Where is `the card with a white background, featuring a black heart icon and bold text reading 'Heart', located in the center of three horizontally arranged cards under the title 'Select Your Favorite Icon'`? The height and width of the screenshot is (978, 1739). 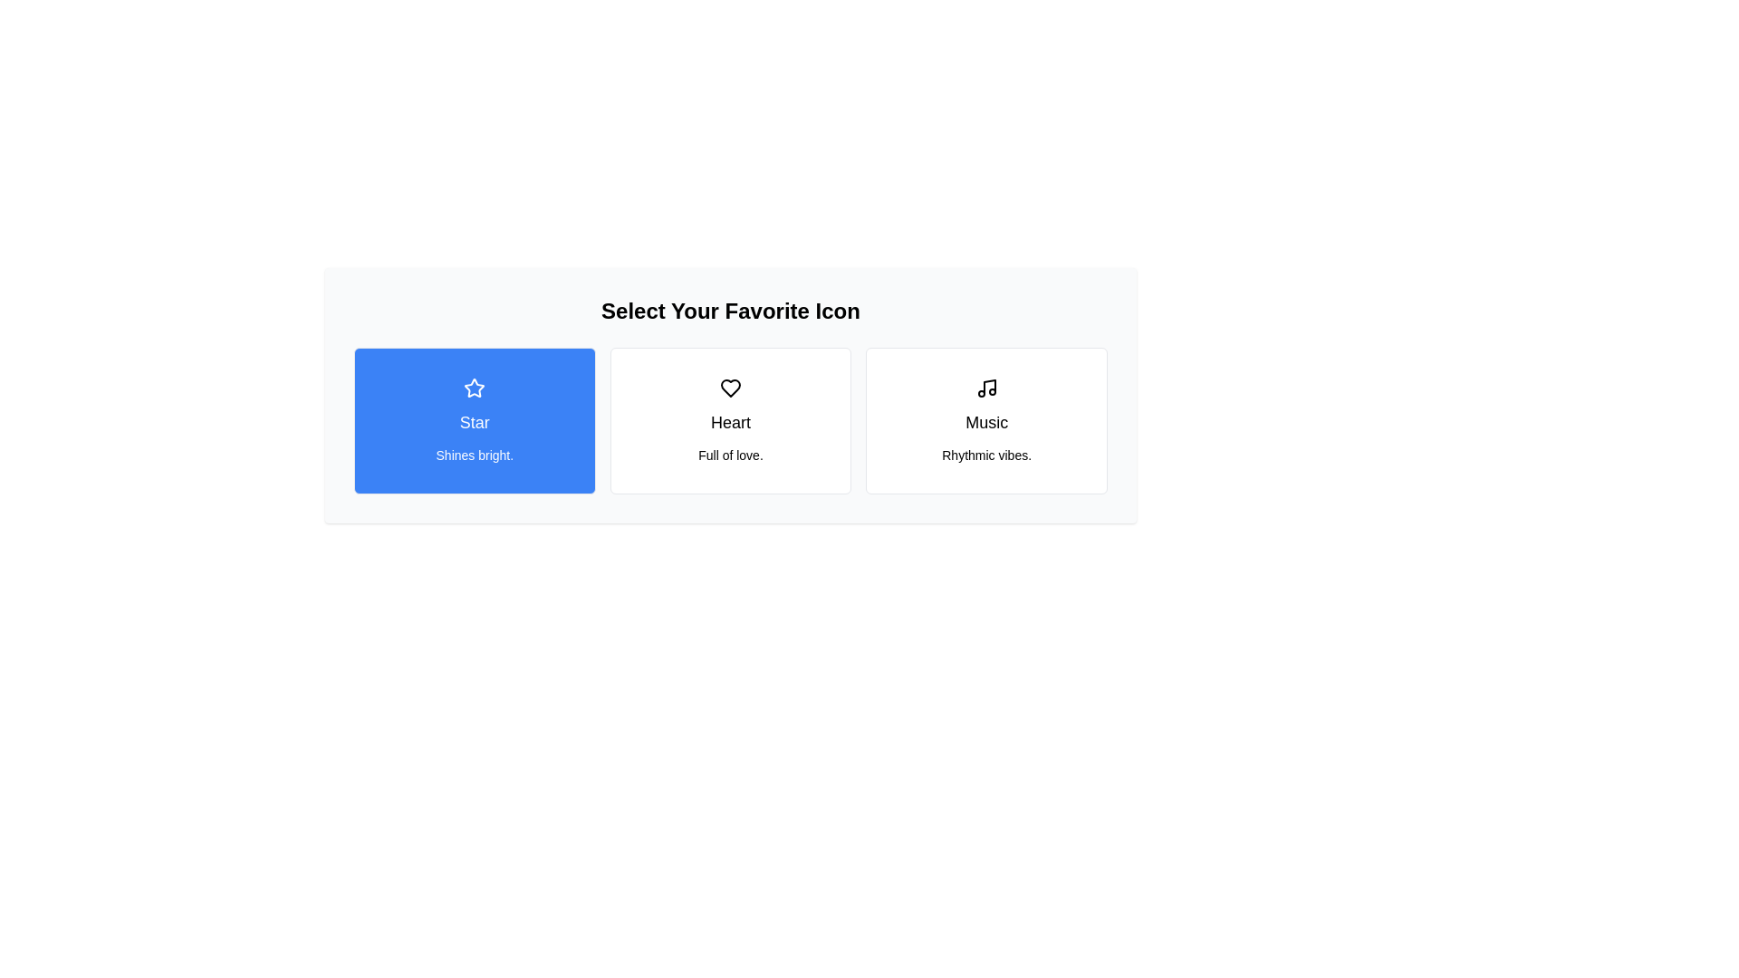
the card with a white background, featuring a black heart icon and bold text reading 'Heart', located in the center of three horizontally arranged cards under the title 'Select Your Favorite Icon' is located at coordinates (730, 421).